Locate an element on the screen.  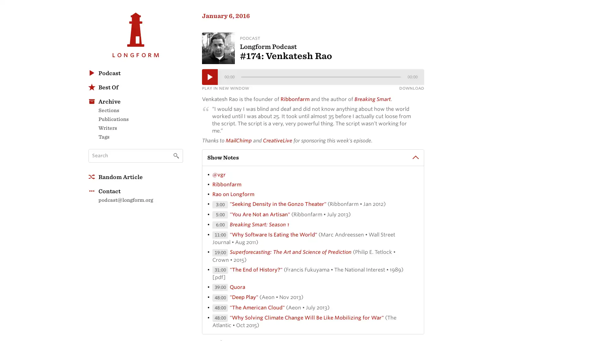
3:00 is located at coordinates (220, 206).